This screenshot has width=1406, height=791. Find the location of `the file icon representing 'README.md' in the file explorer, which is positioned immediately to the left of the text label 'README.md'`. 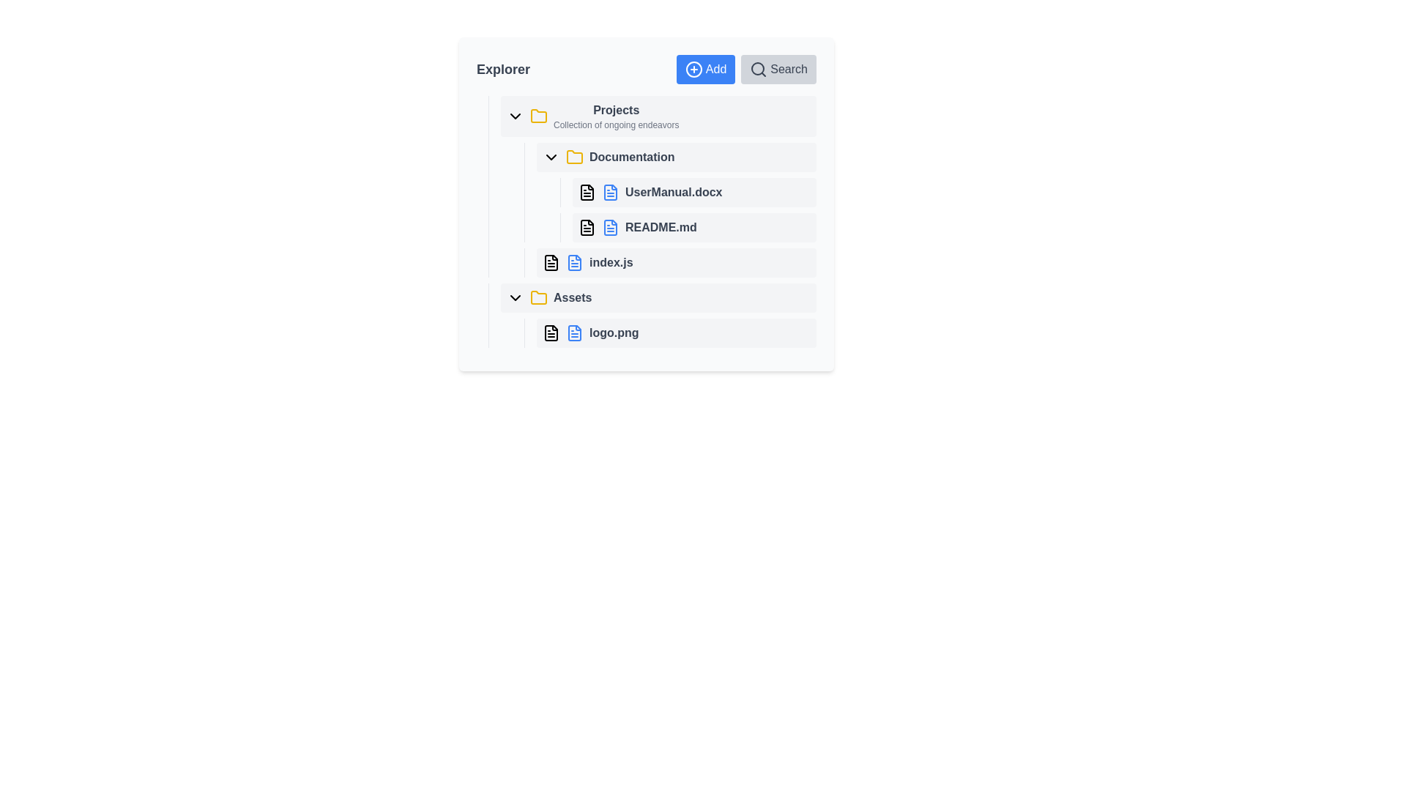

the file icon representing 'README.md' in the file explorer, which is positioned immediately to the left of the text label 'README.md' is located at coordinates (587, 228).